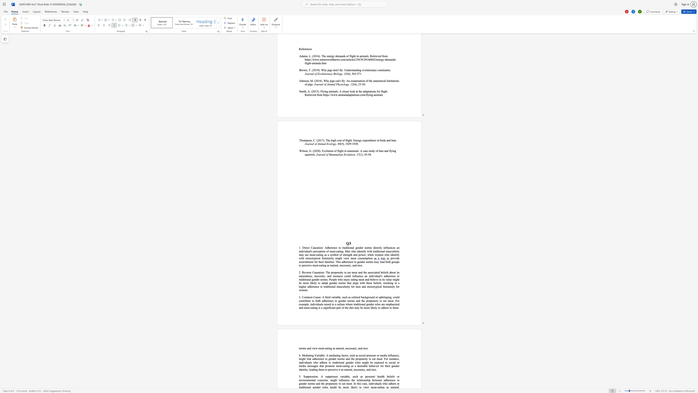 The image size is (698, 393). I want to click on the space between the continuous character "2" and "." in the text, so click(300, 272).